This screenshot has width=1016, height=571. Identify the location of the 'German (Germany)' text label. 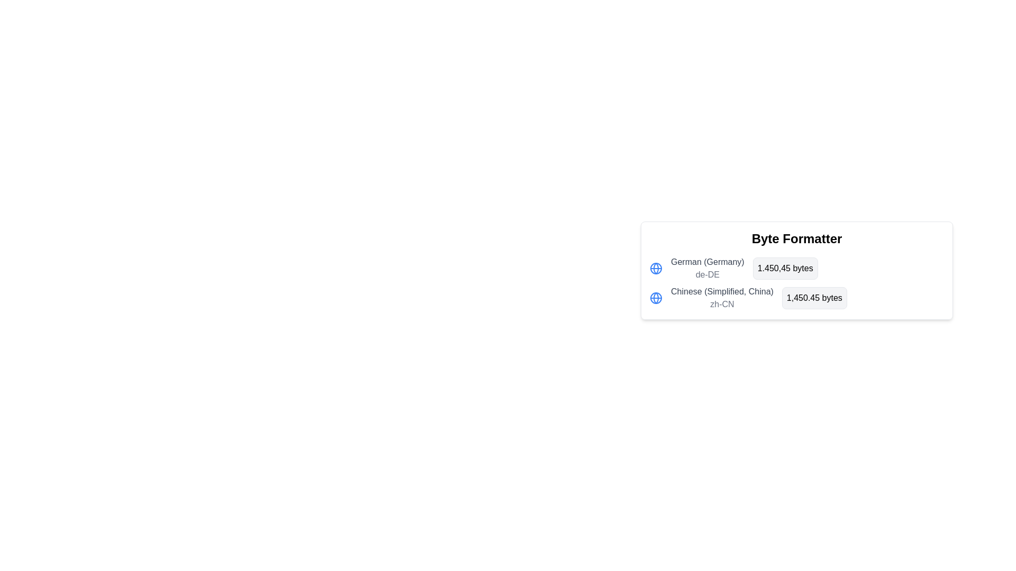
(707, 268).